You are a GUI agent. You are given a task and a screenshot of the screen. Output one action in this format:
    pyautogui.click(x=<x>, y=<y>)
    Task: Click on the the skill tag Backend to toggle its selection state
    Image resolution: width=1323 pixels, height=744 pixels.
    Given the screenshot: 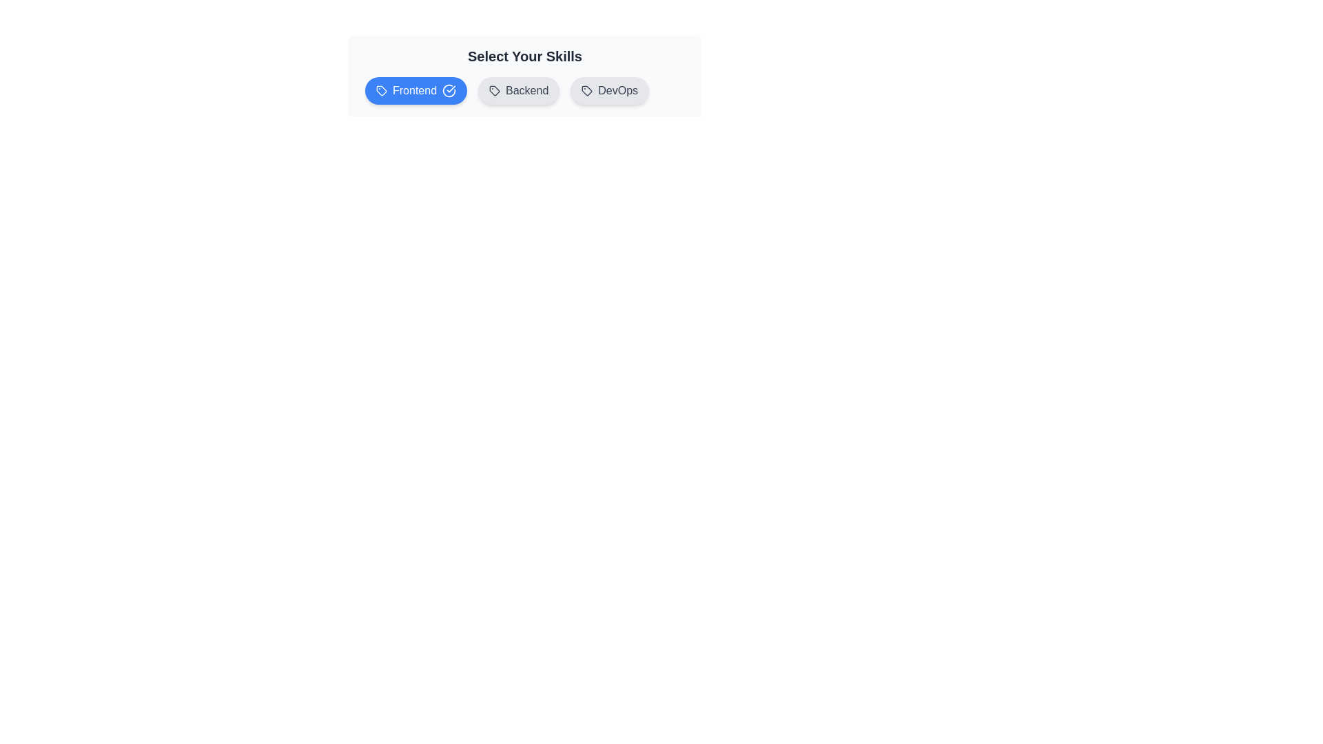 What is the action you would take?
    pyautogui.click(x=518, y=90)
    